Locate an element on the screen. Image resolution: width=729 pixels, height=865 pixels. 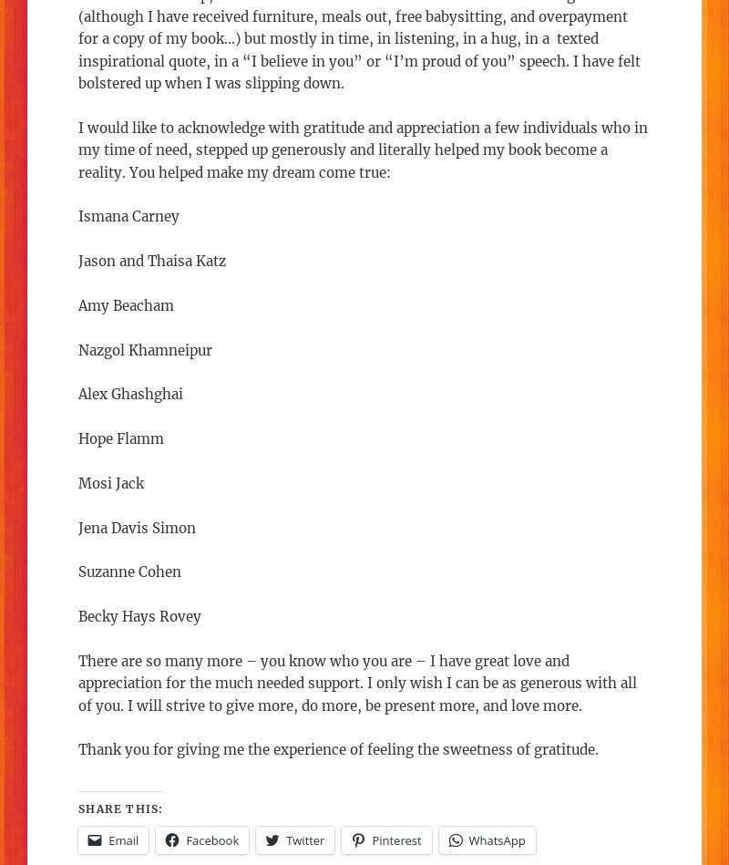
'Jena Davis Simon' is located at coordinates (78, 526).